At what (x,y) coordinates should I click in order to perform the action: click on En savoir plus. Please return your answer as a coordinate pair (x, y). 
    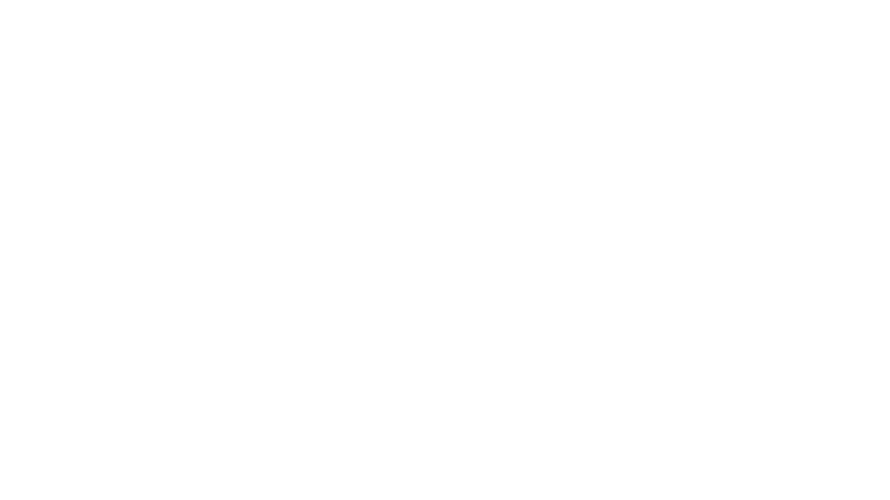
    Looking at the image, I should click on (311, 490).